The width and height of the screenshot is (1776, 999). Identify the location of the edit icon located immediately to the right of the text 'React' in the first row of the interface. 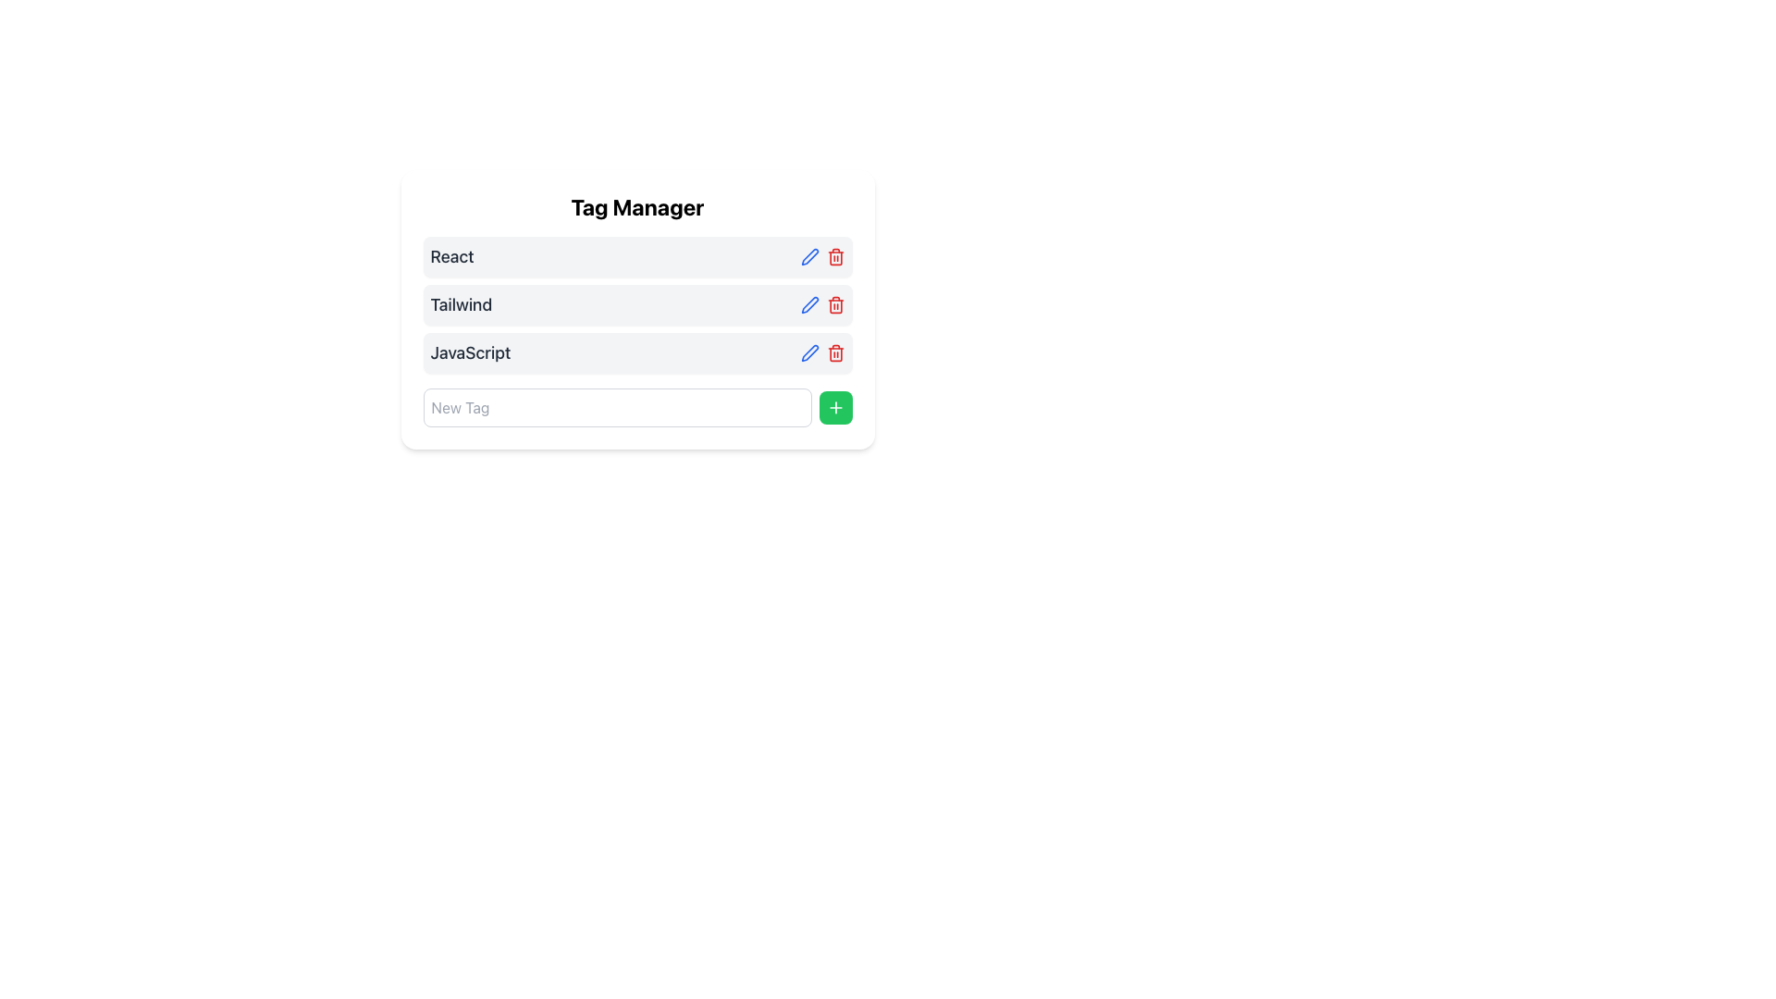
(809, 256).